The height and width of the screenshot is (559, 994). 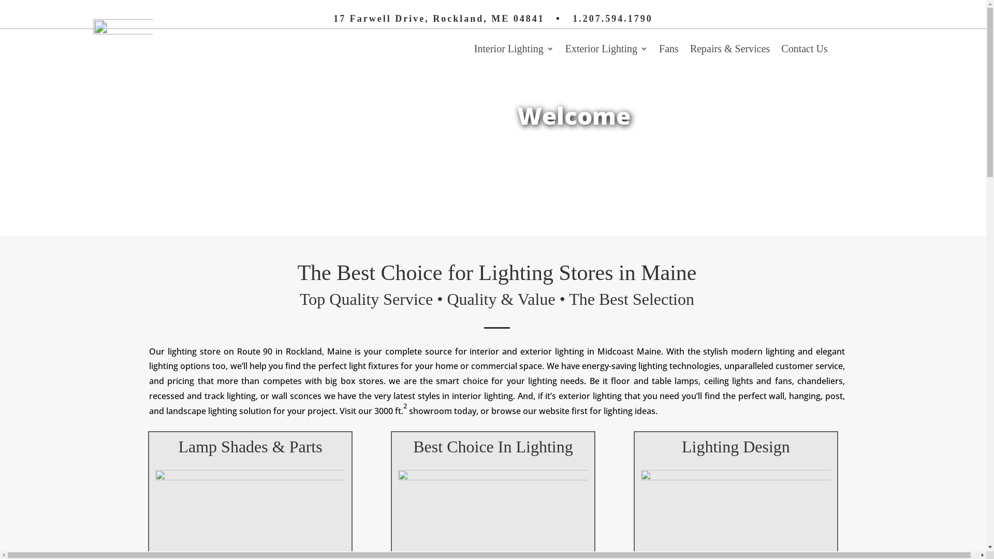 What do you see at coordinates (514, 50) in the screenshot?
I see `'Interior Lighting'` at bounding box center [514, 50].